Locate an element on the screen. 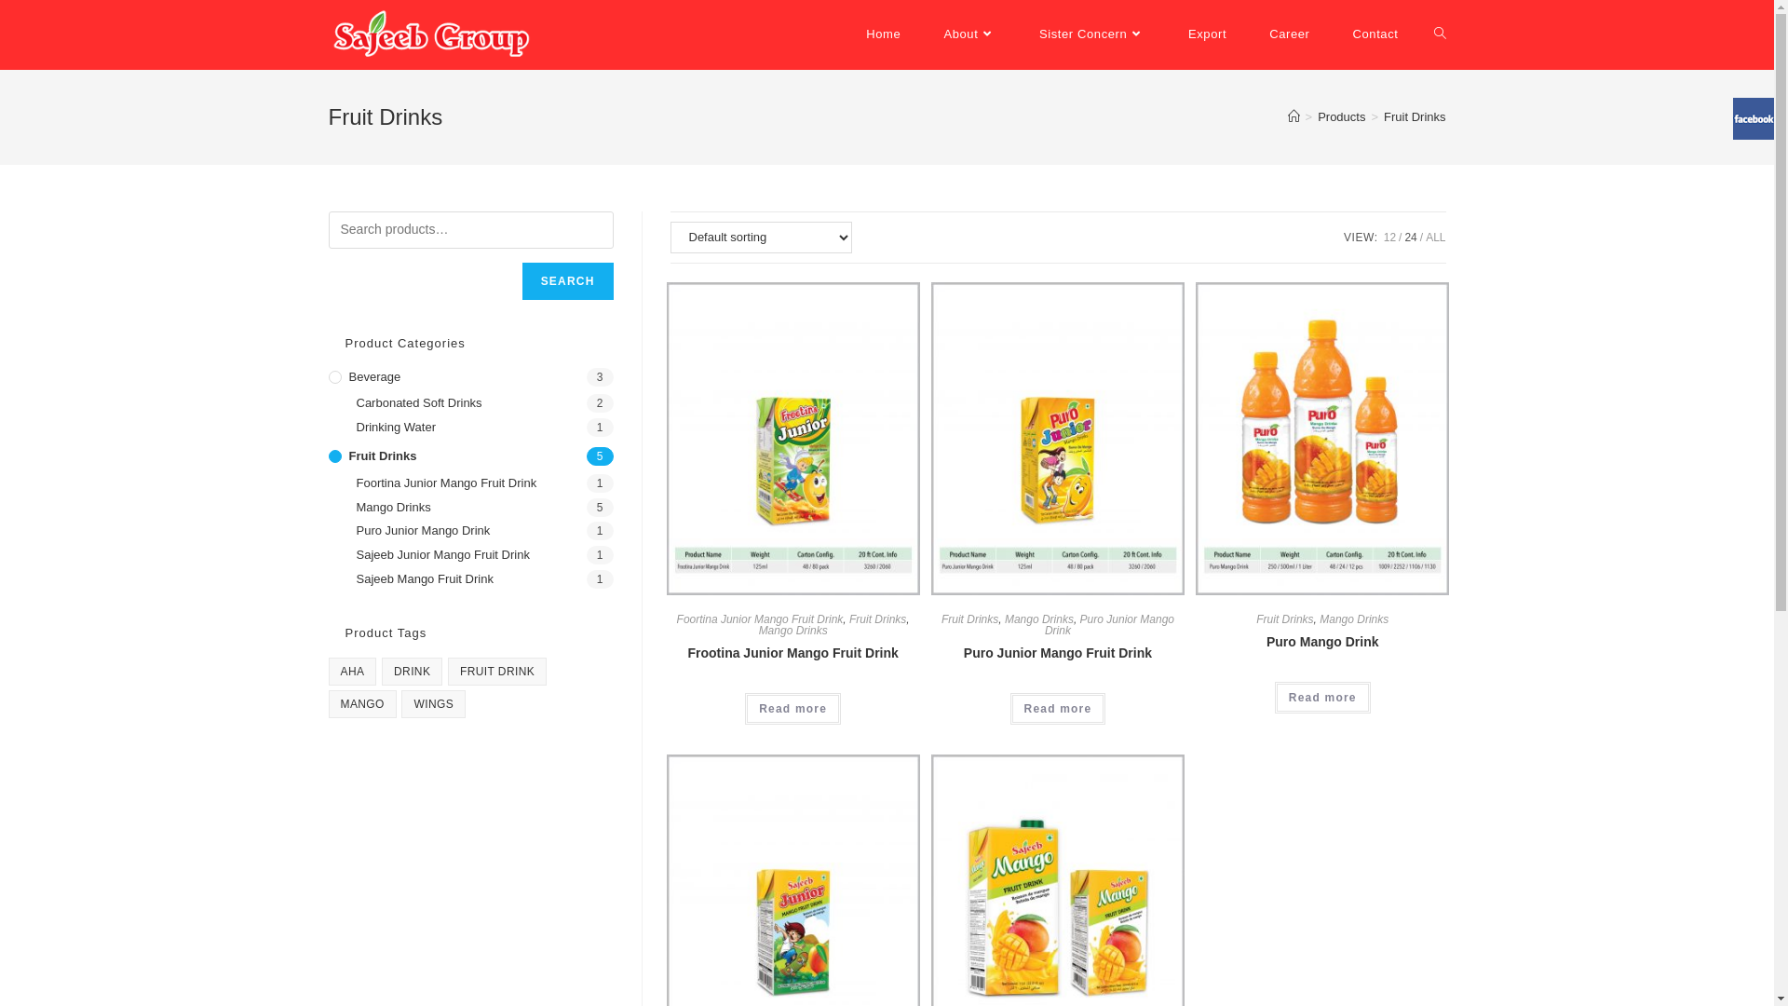 The height and width of the screenshot is (1006, 1788). 'Beverage' is located at coordinates (327, 377).